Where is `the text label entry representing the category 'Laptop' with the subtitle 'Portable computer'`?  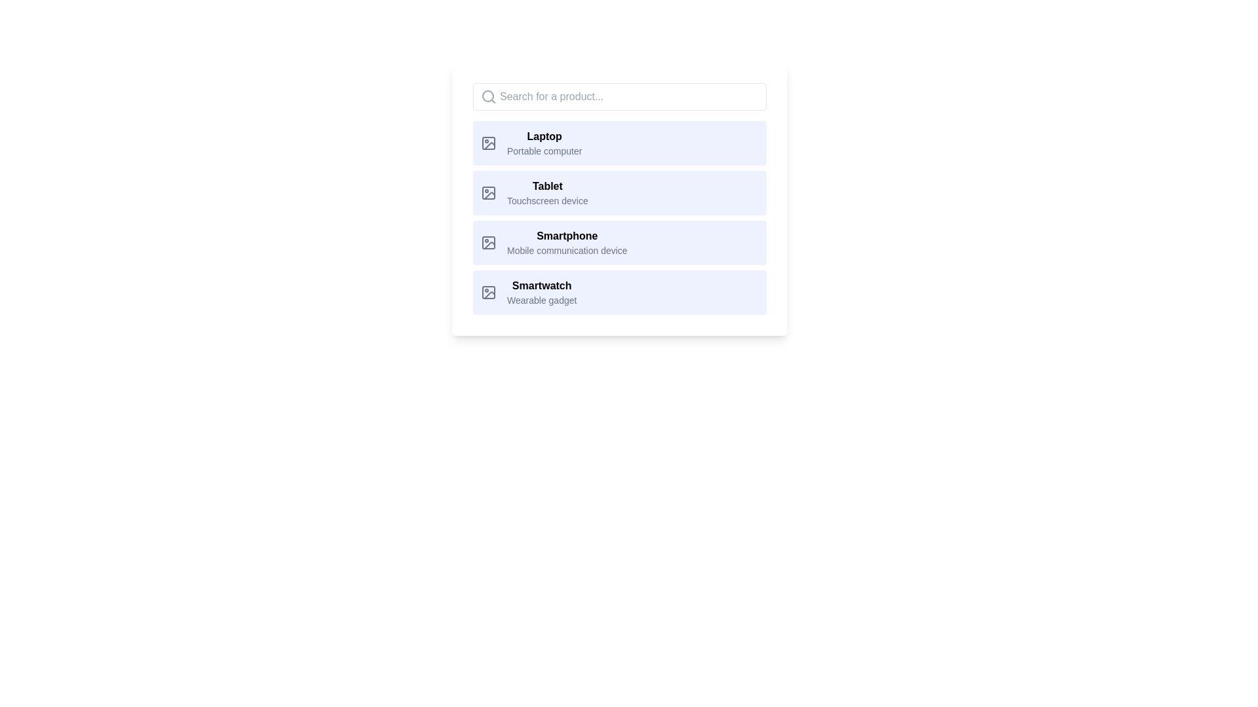
the text label entry representing the category 'Laptop' with the subtitle 'Portable computer' is located at coordinates (544, 143).